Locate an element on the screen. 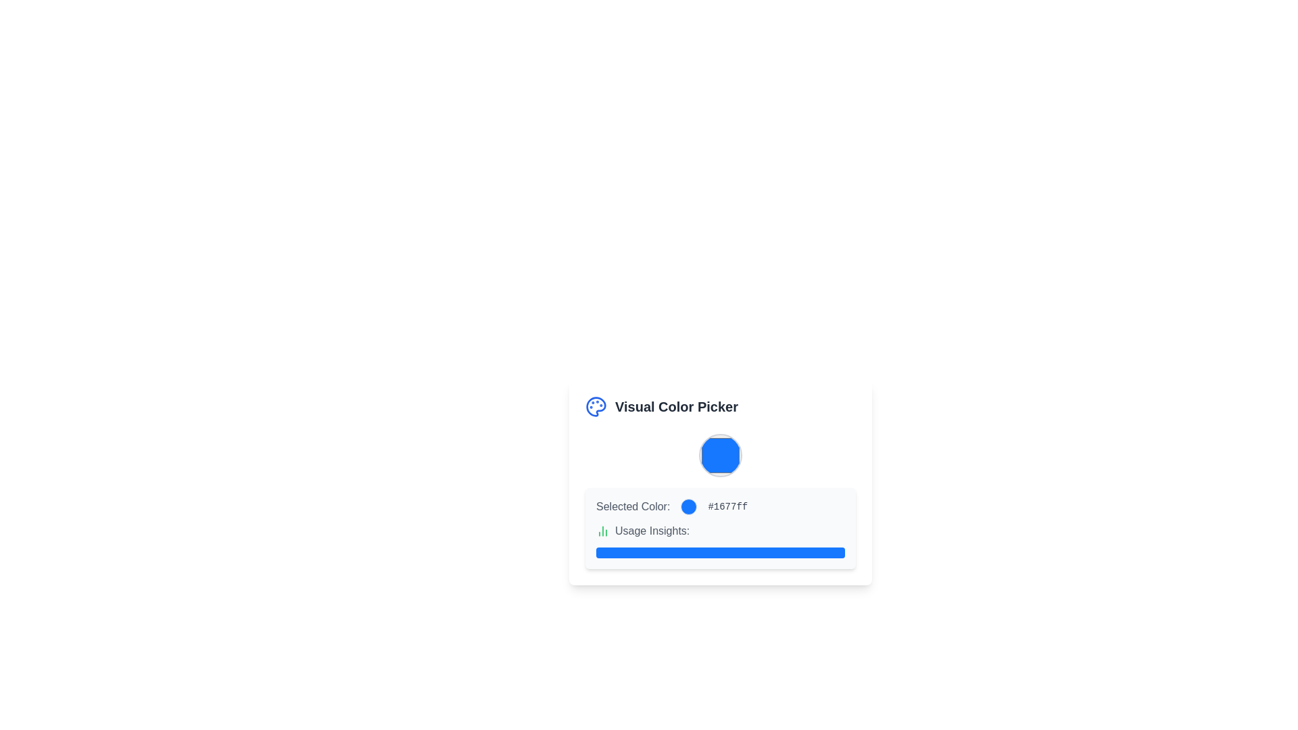 The image size is (1298, 730). the blue painter's palette icon located to the left of the 'Visual Color Picker' text is located at coordinates (596, 406).